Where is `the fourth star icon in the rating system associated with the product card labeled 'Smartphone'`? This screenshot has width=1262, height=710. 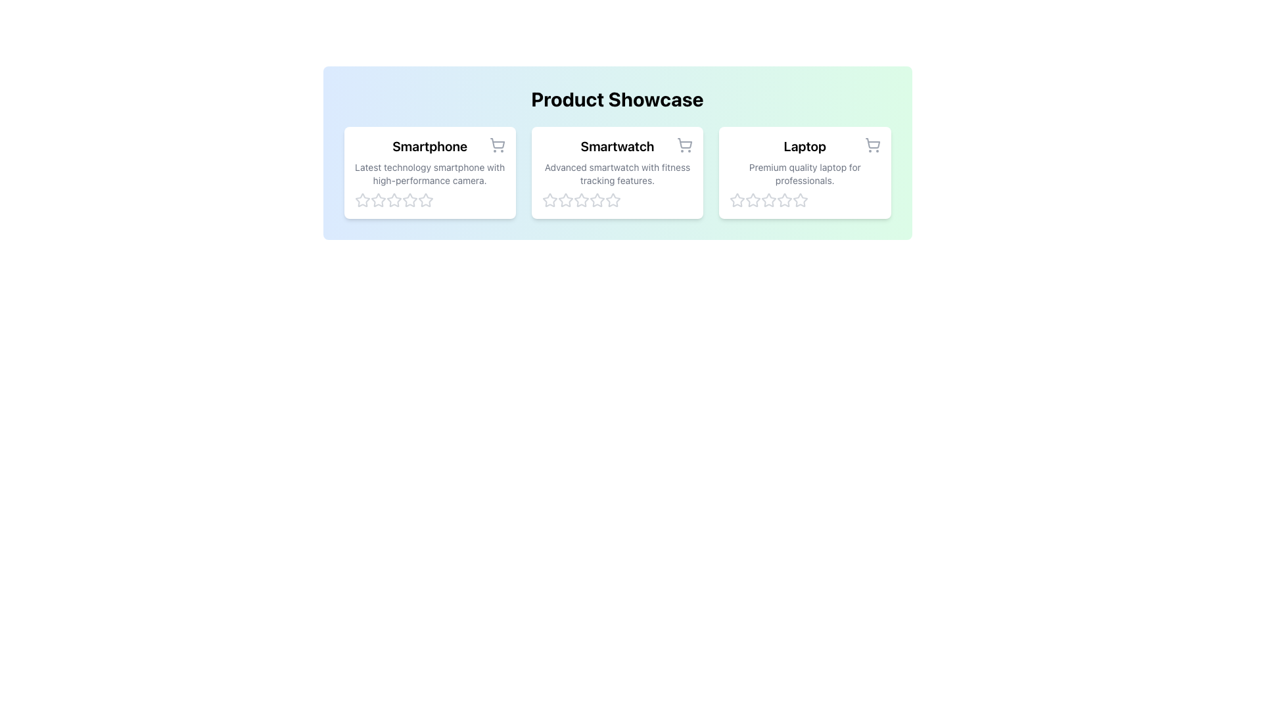 the fourth star icon in the rating system associated with the product card labeled 'Smartphone' is located at coordinates (409, 200).